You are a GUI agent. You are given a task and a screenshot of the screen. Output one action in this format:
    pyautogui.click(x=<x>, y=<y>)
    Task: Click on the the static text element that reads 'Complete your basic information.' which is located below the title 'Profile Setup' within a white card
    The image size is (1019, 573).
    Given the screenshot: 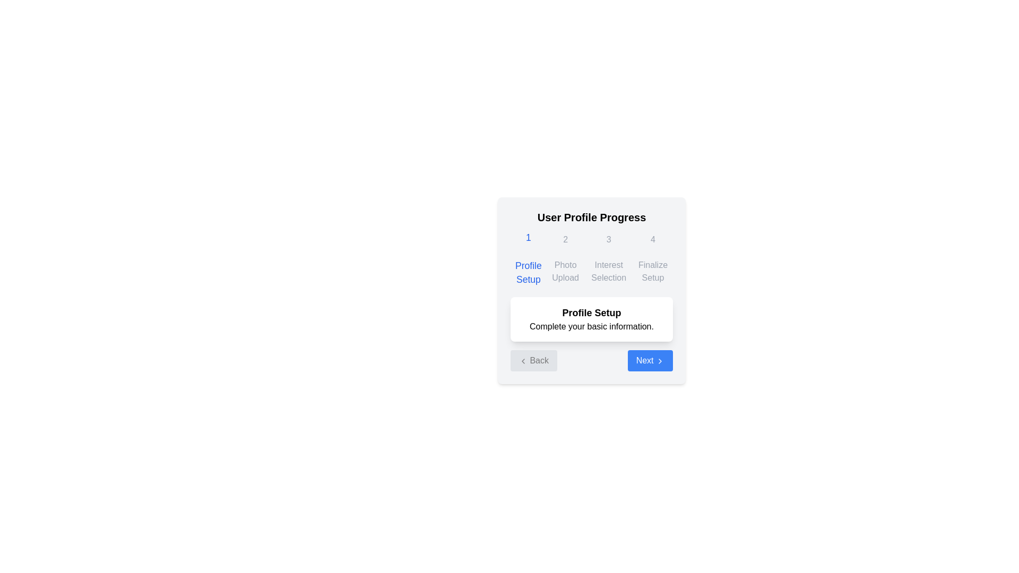 What is the action you would take?
    pyautogui.click(x=591, y=326)
    